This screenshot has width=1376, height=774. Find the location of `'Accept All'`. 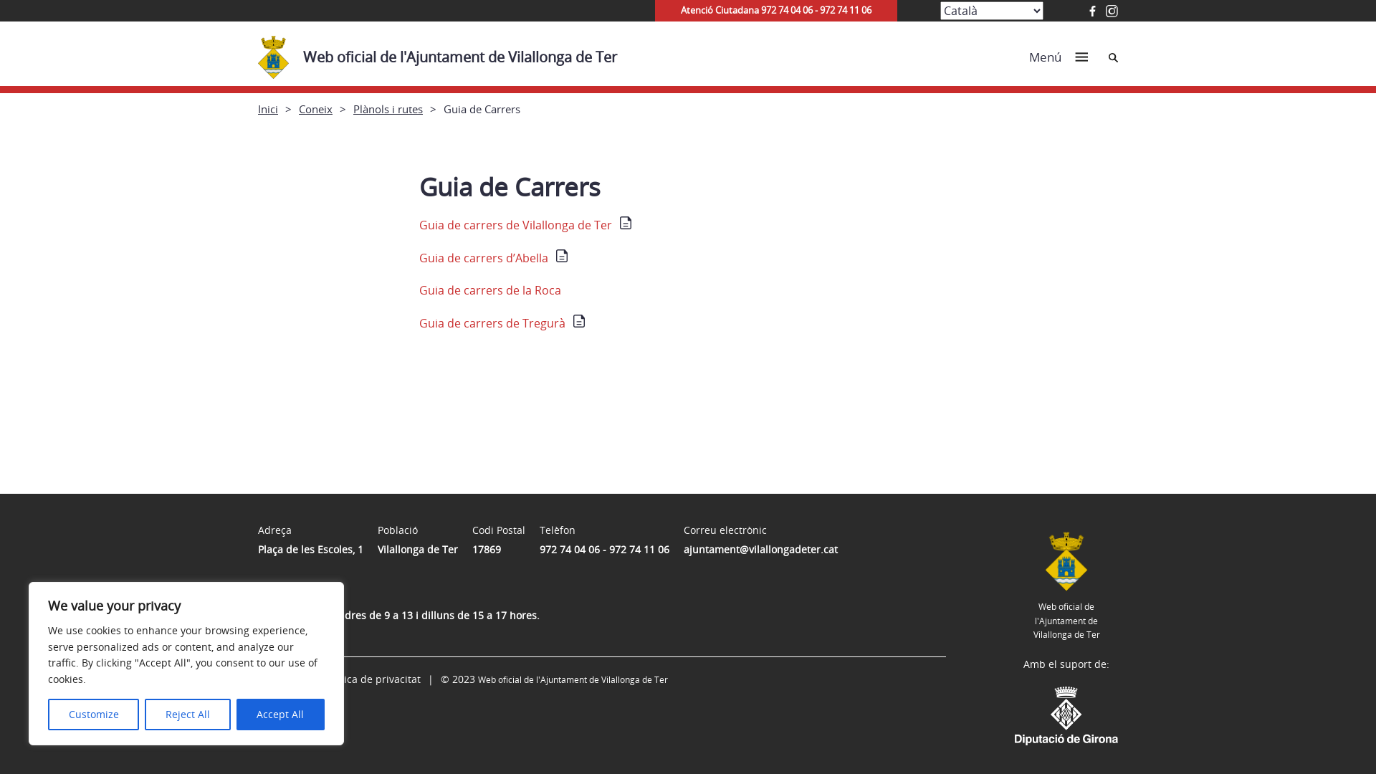

'Accept All' is located at coordinates (280, 714).